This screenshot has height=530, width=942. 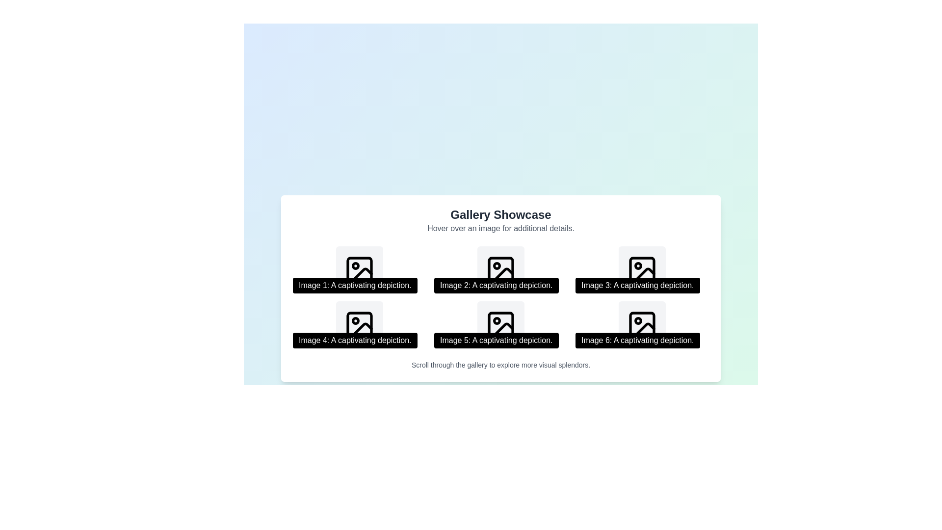 I want to click on the small circular dot within the second icon of the middle row in the gallery display, specifically located in the fifth tile of the grid, so click(x=497, y=266).